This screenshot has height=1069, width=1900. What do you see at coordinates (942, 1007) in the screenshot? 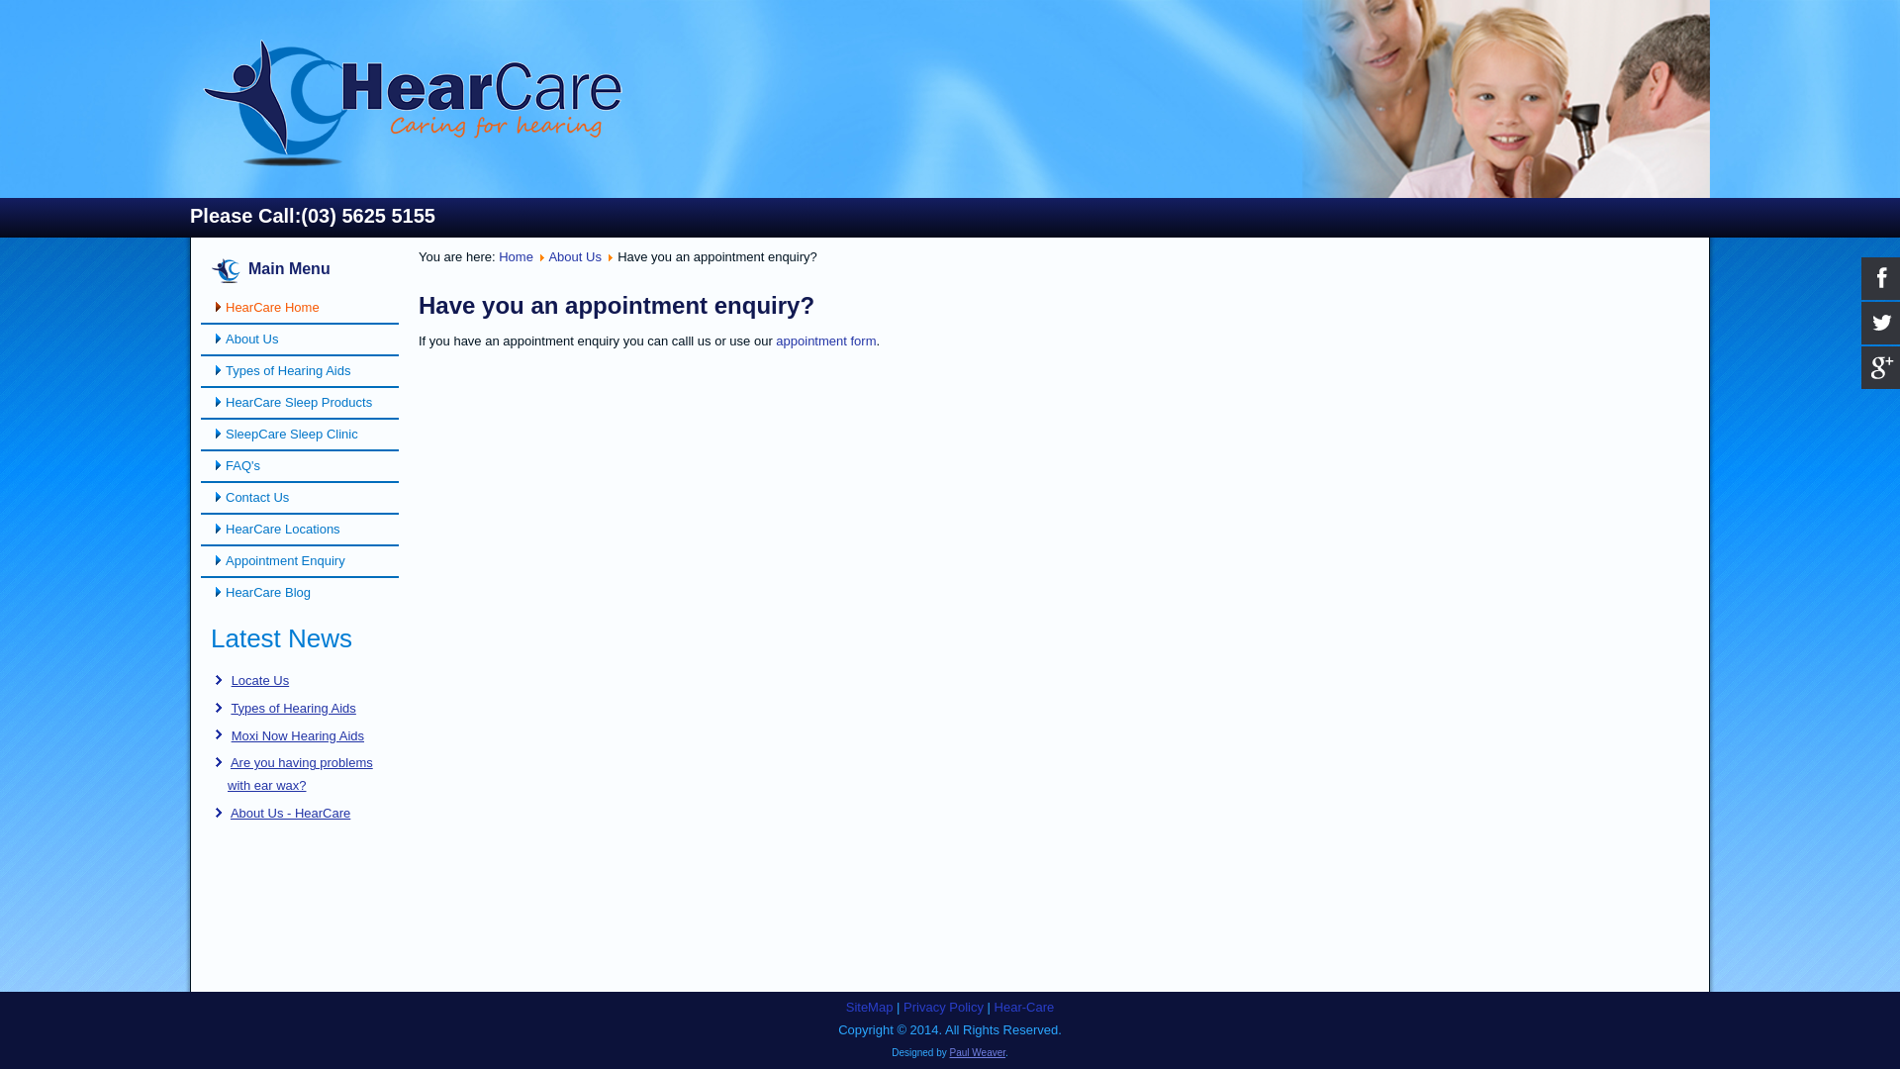
I see `'Privacy Policy'` at bounding box center [942, 1007].